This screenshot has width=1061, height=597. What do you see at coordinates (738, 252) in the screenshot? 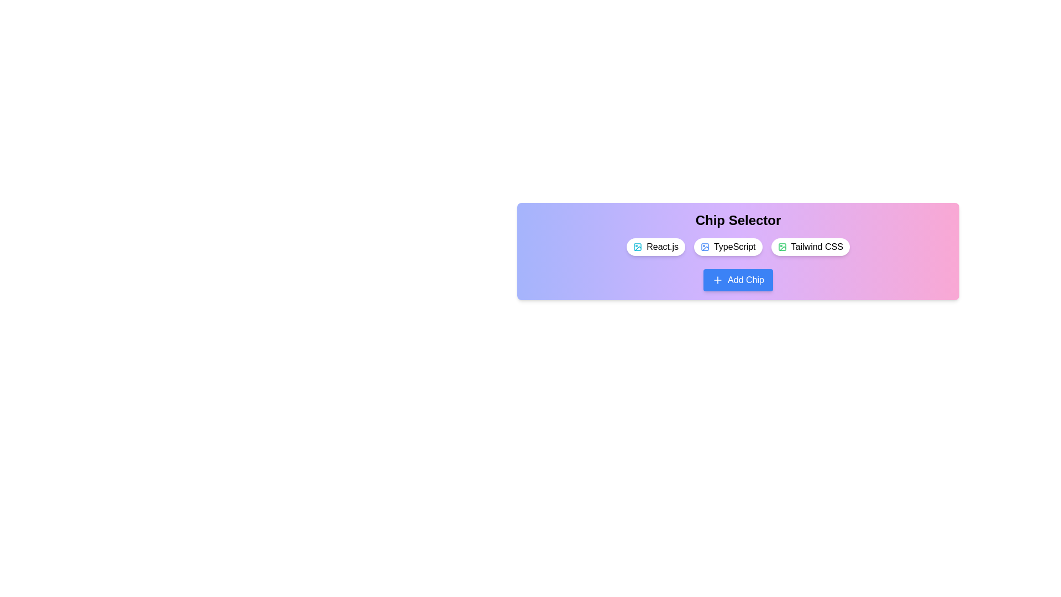
I see `the 'TypeScript' button in the group of options to trigger its hover state effect` at bounding box center [738, 252].